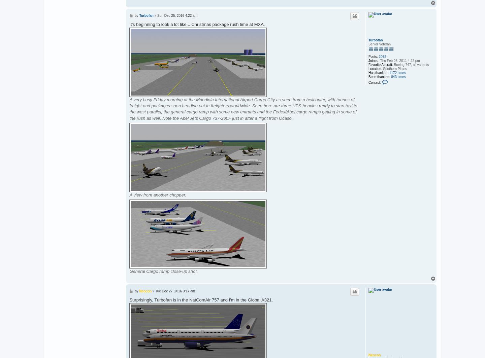 This screenshot has height=358, width=485. What do you see at coordinates (129, 24) in the screenshot?
I see `'It's beginning to look a lot like... Christmas package rush time at MXA.'` at bounding box center [129, 24].